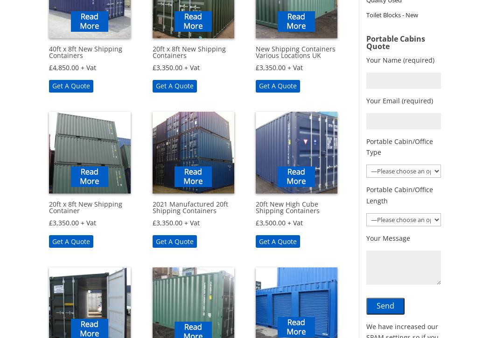 The image size is (490, 338). What do you see at coordinates (366, 100) in the screenshot?
I see `'Your Email (required)'` at bounding box center [366, 100].